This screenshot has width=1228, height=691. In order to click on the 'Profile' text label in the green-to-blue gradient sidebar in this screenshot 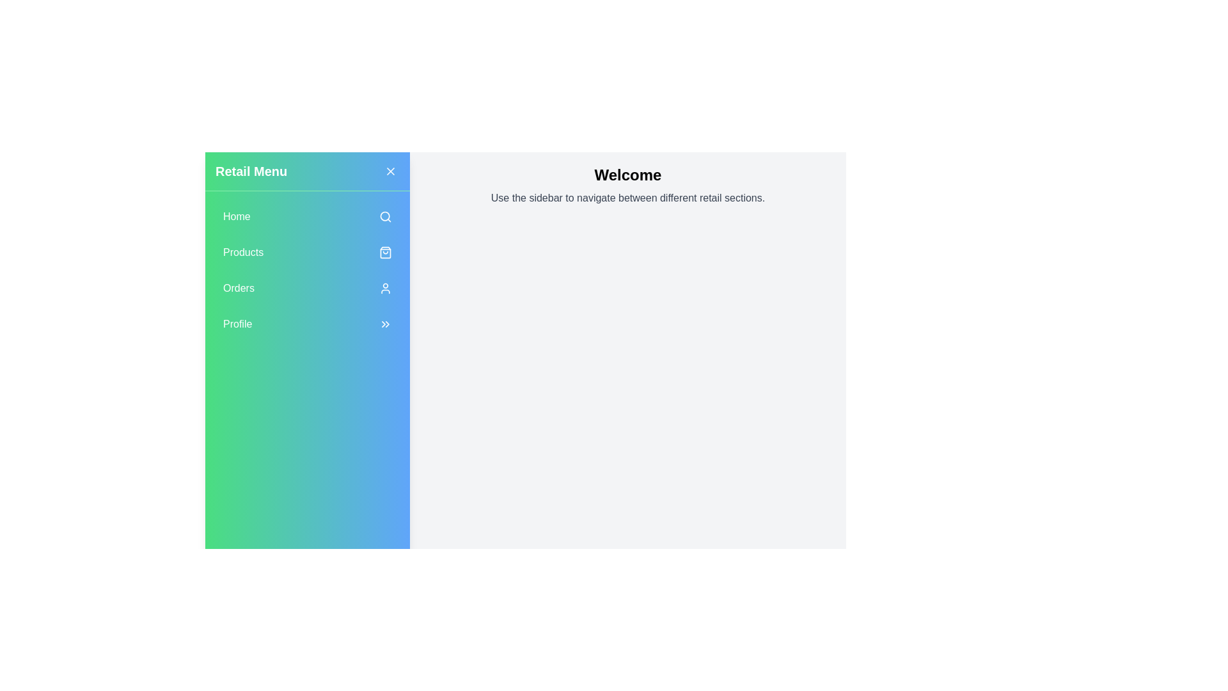, I will do `click(237, 323)`.